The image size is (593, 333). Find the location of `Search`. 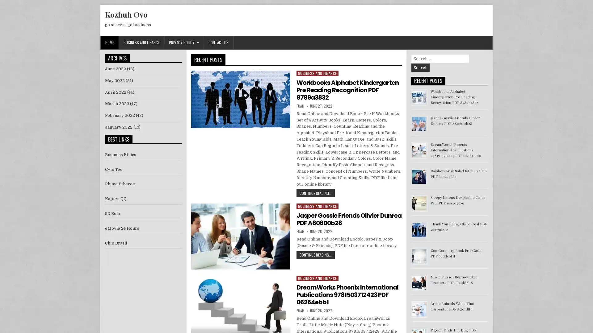

Search is located at coordinates (420, 68).